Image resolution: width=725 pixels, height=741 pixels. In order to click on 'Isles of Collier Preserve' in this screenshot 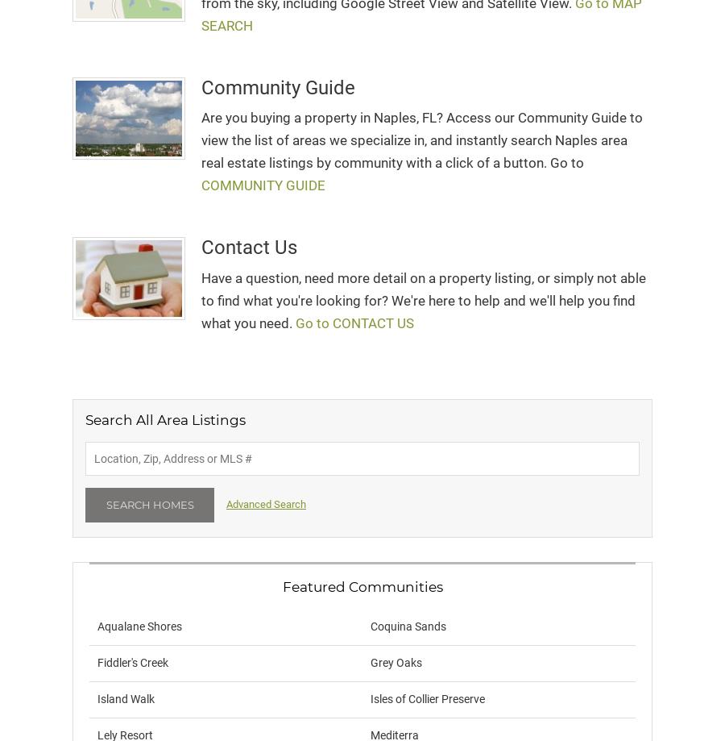, I will do `click(427, 697)`.